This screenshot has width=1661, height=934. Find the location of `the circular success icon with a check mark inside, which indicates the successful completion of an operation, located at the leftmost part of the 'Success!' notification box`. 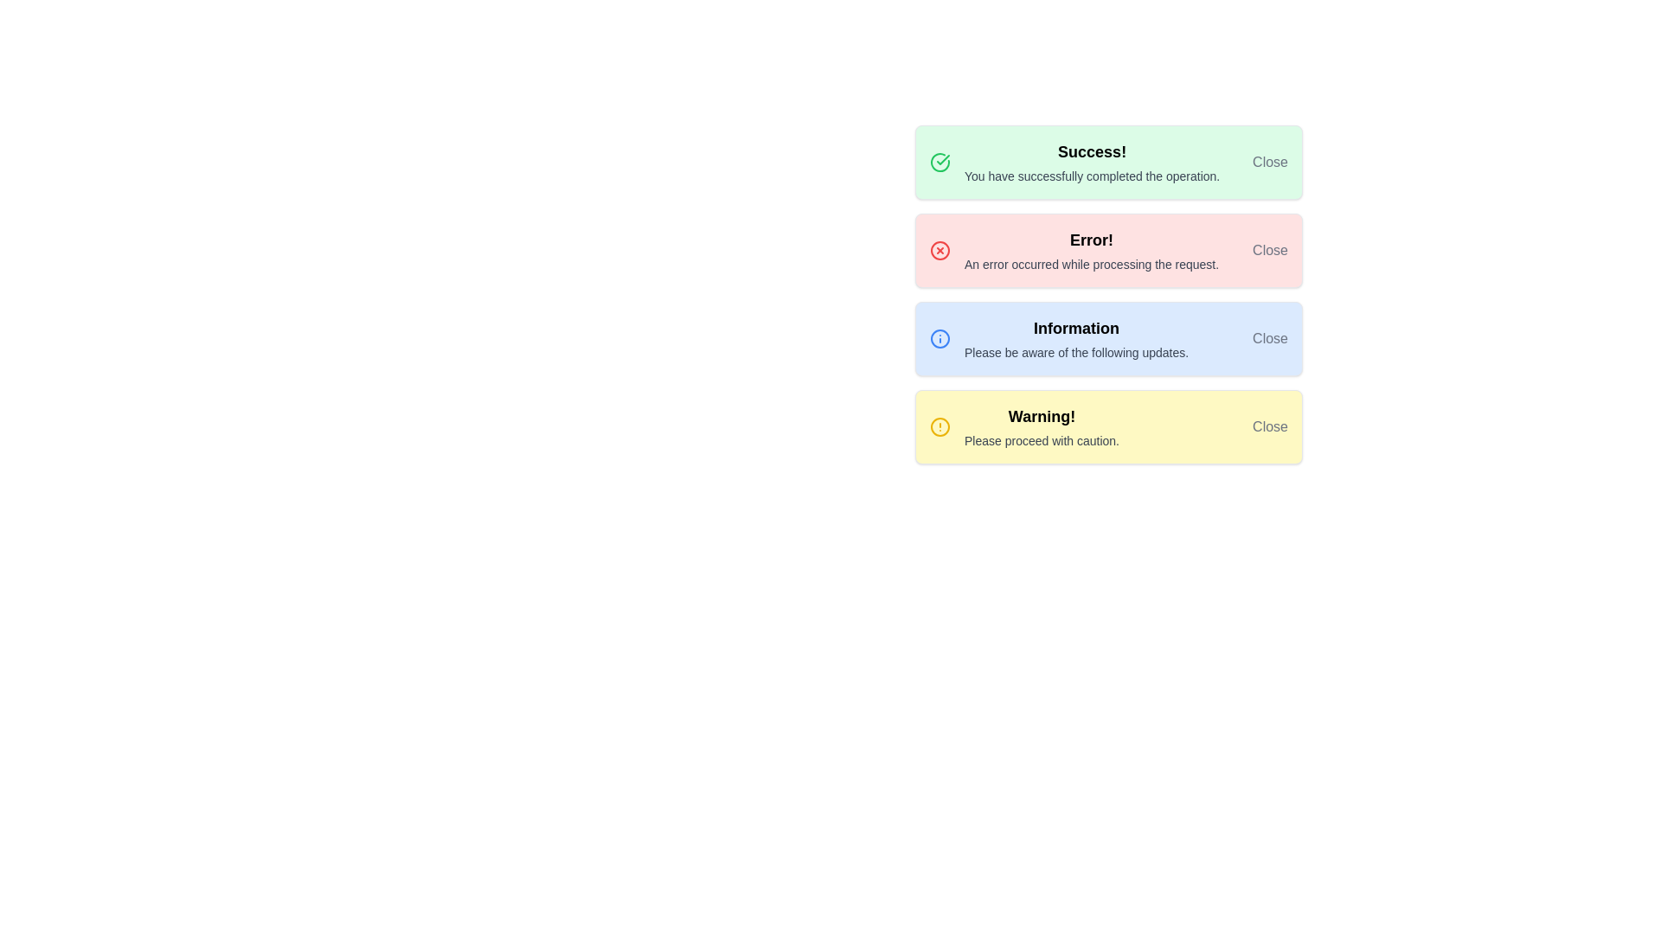

the circular success icon with a check mark inside, which indicates the successful completion of an operation, located at the leftmost part of the 'Success!' notification box is located at coordinates (939, 163).